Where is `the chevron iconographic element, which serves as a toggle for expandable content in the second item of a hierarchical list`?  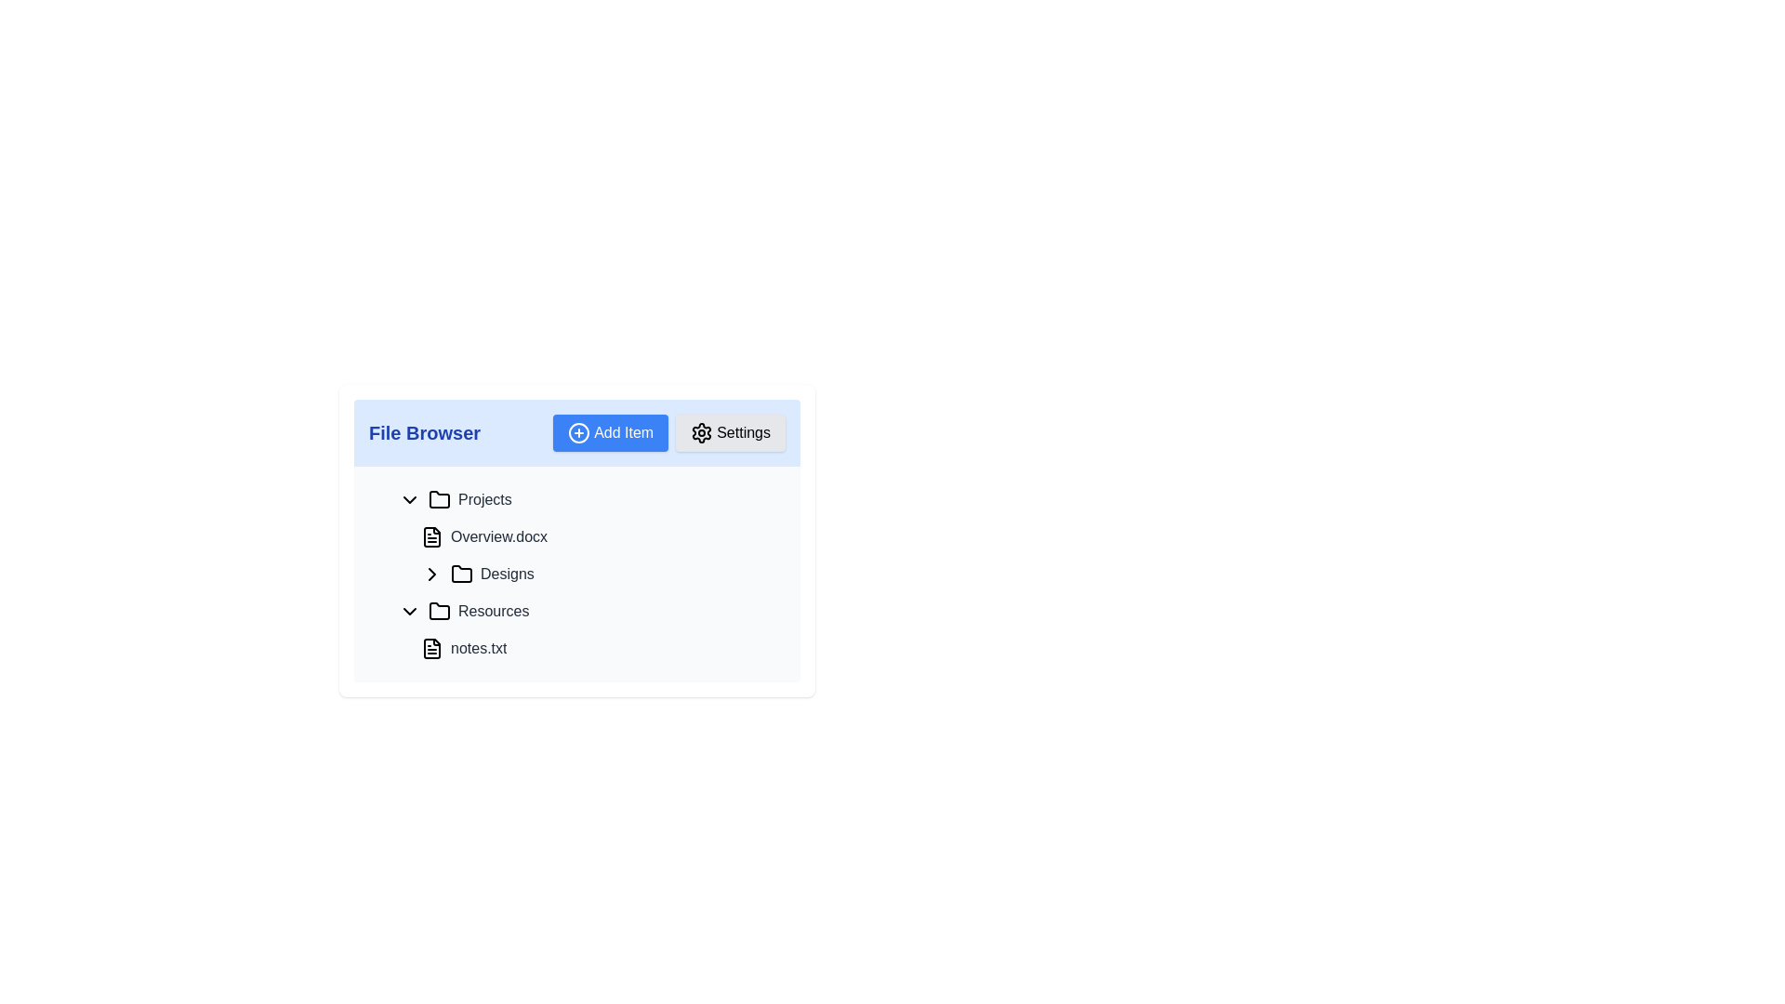
the chevron iconographic element, which serves as a toggle for expandable content in the second item of a hierarchical list is located at coordinates (431, 573).